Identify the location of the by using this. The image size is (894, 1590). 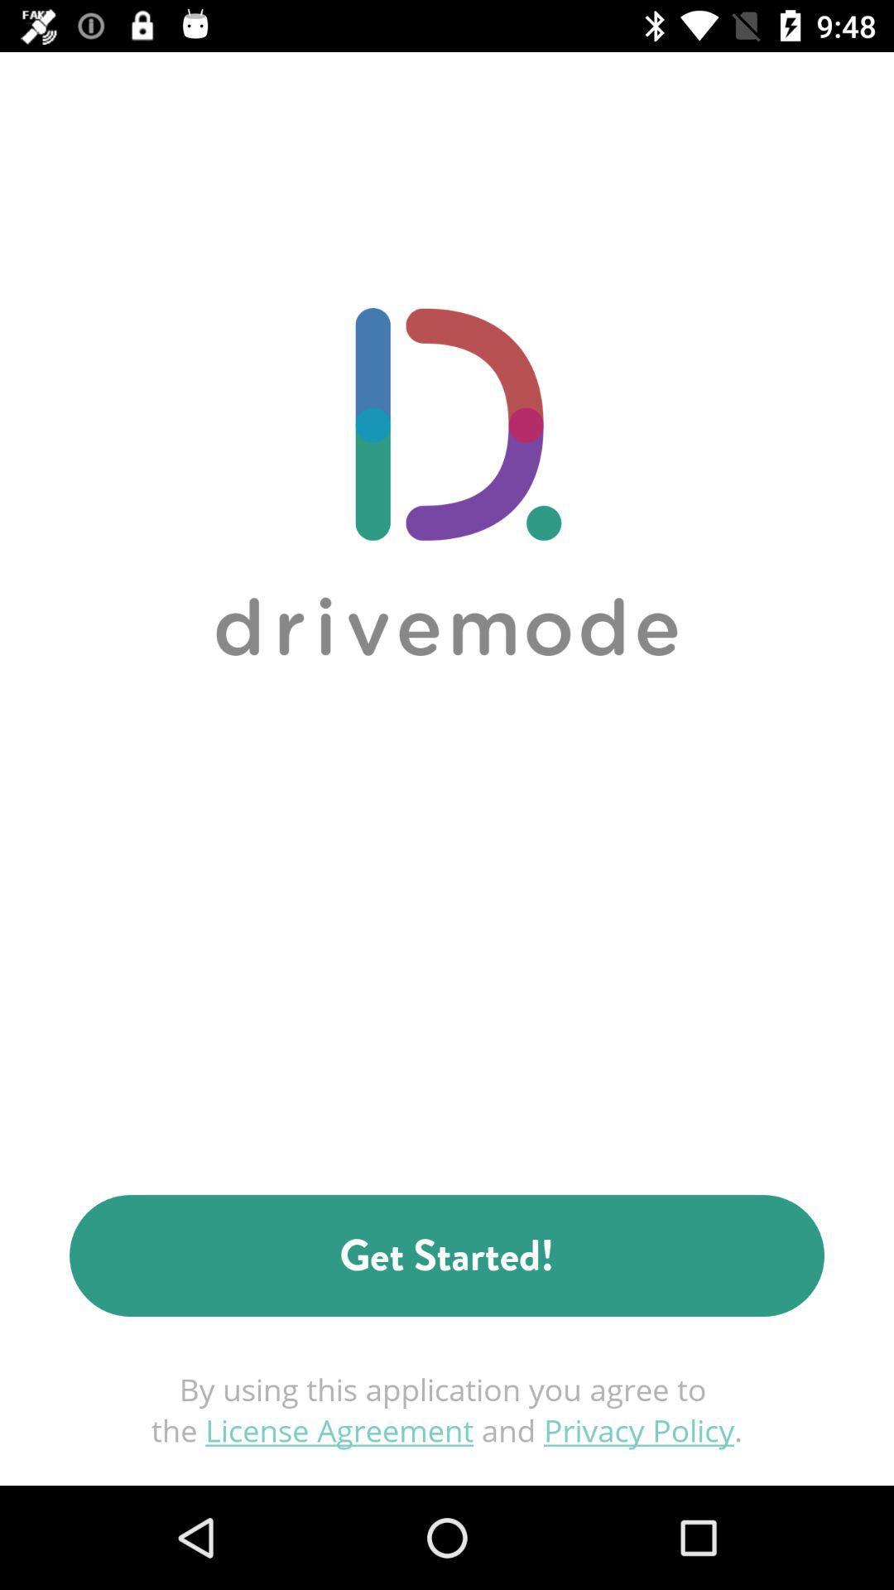
(447, 1409).